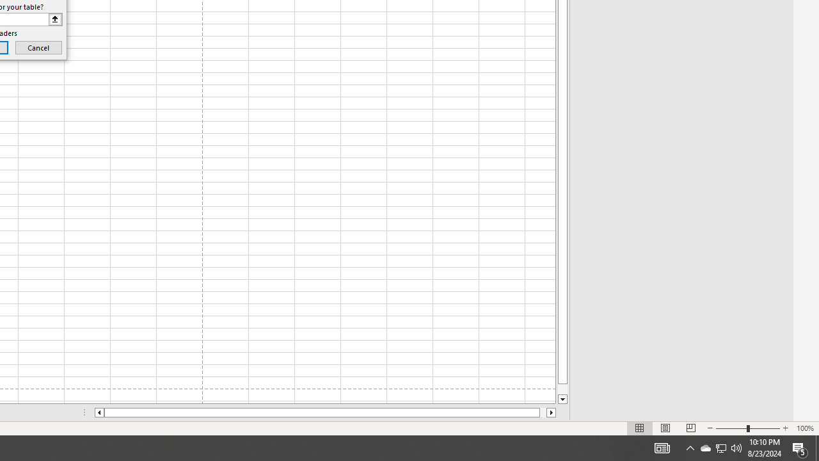 The width and height of the screenshot is (819, 461). I want to click on 'Normal', so click(640, 428).